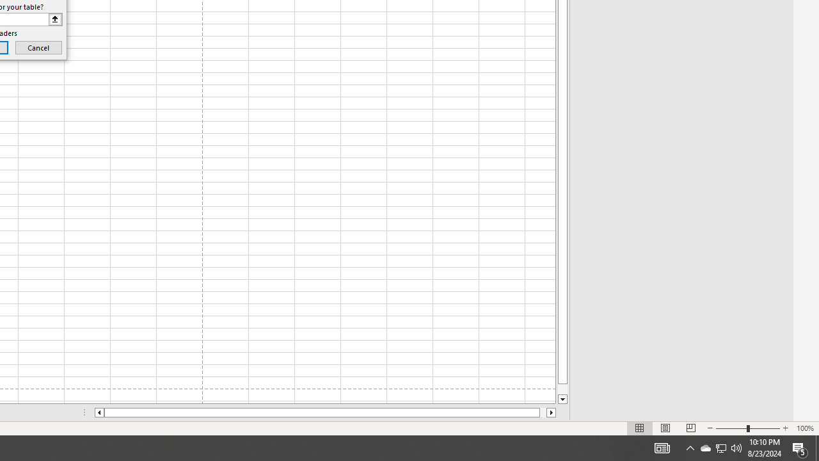 The width and height of the screenshot is (819, 461). I want to click on 'Normal', so click(640, 428).